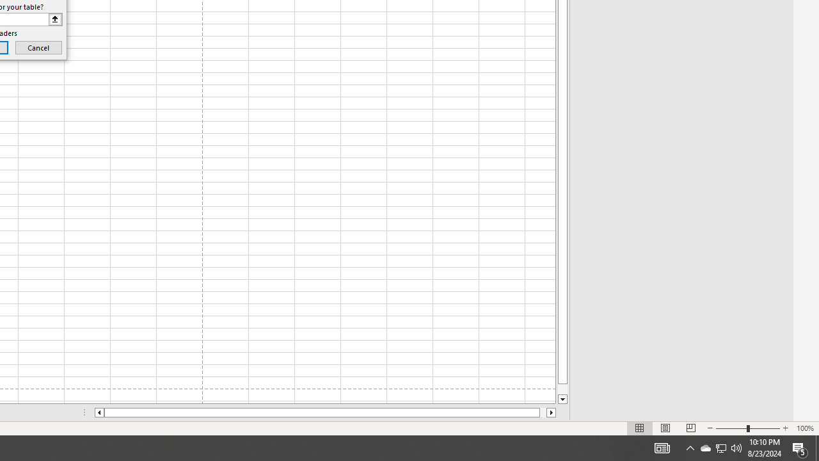 The width and height of the screenshot is (819, 461). I want to click on 'Normal', so click(640, 428).